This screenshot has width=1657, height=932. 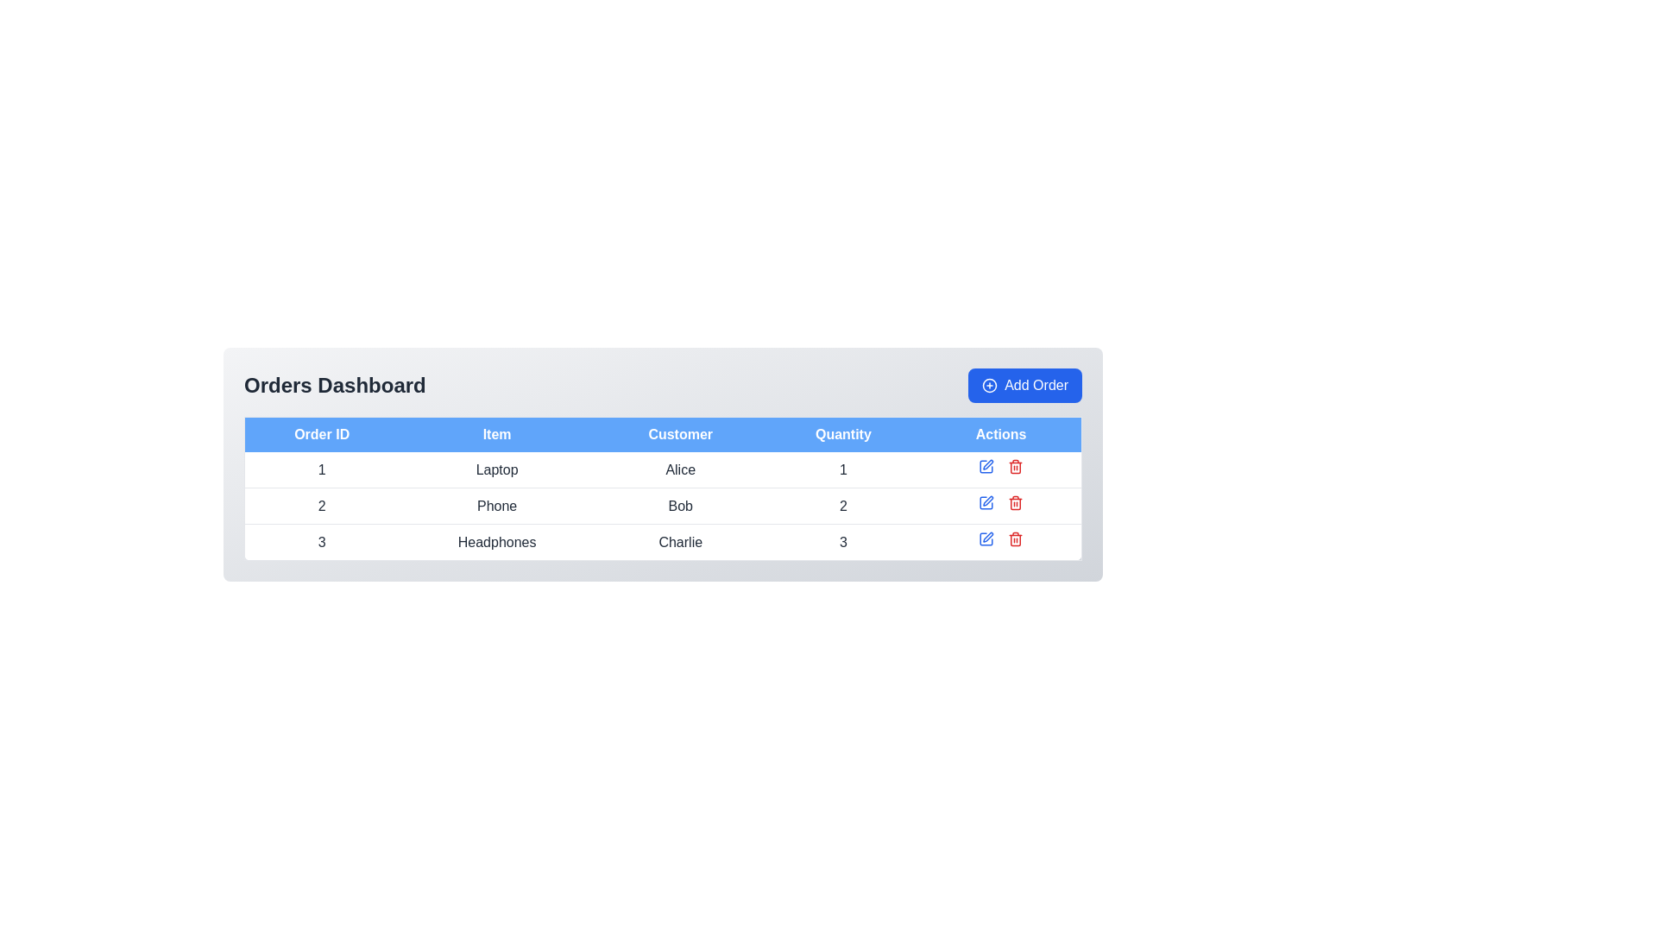 What do you see at coordinates (990, 385) in the screenshot?
I see `the 'Add Order' button located at the top-right corner of the dashboard, specifically targeting the circular outline of the plus icon within it` at bounding box center [990, 385].